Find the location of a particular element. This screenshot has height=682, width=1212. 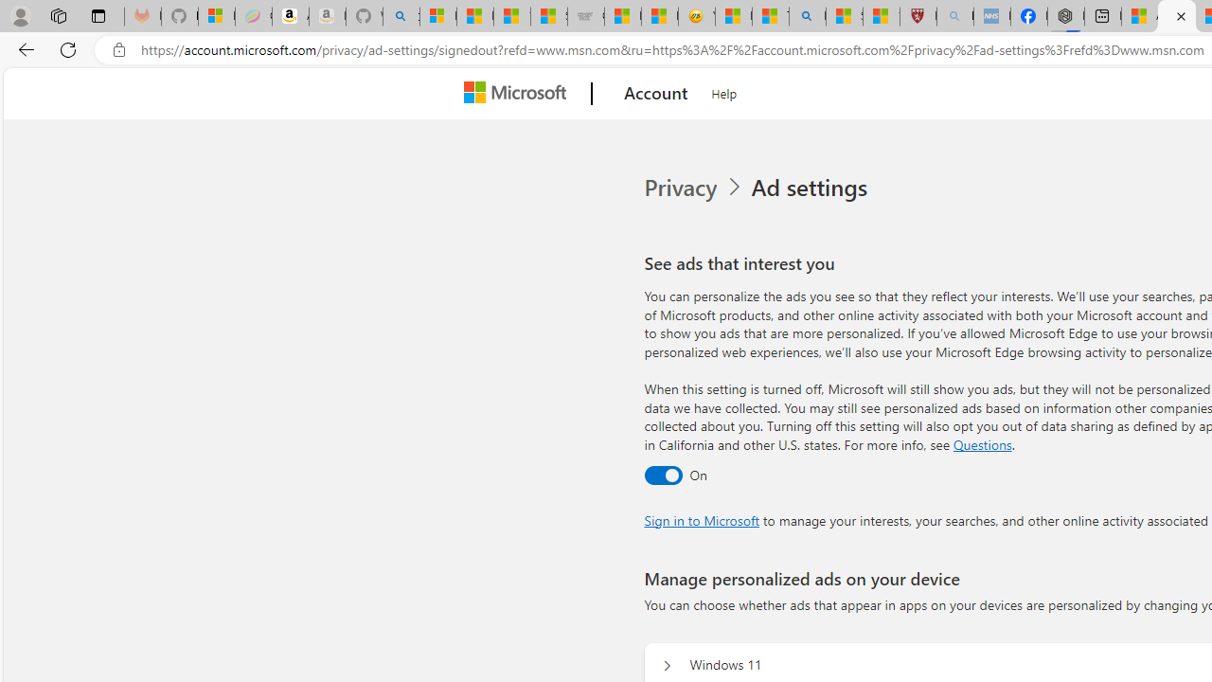

'Close tab' is located at coordinates (1180, 16).